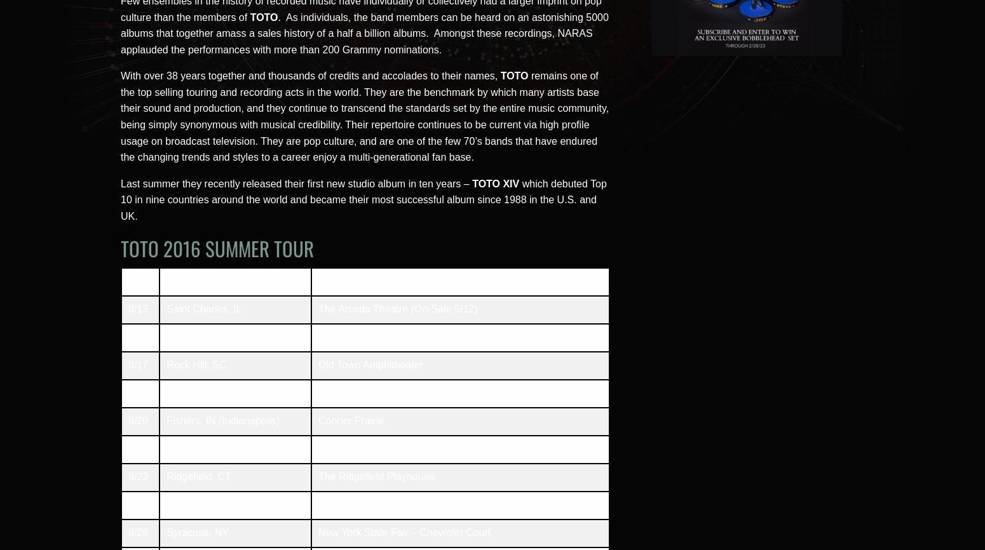 This screenshot has width=985, height=550. I want to click on '8/21', so click(137, 448).